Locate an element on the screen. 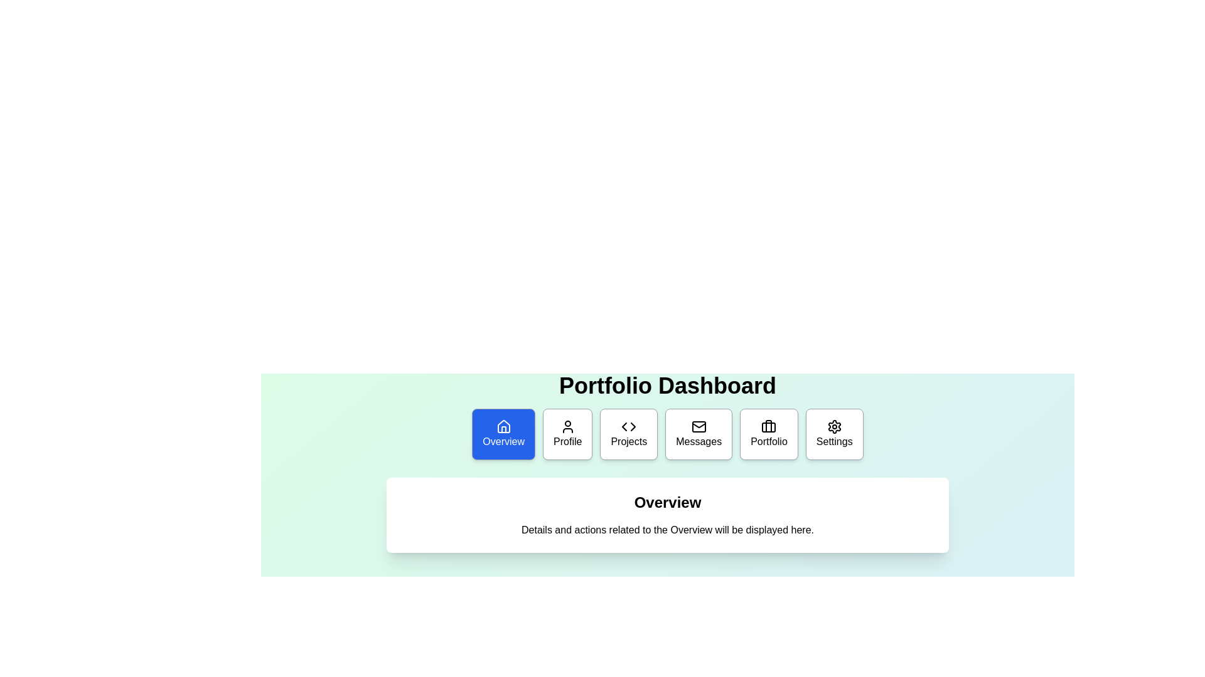 Image resolution: width=1205 pixels, height=677 pixels. the 'Projects' button, which is a bold text label within a rectangular button located in the third position of a horizontal menu bar is located at coordinates (629, 441).